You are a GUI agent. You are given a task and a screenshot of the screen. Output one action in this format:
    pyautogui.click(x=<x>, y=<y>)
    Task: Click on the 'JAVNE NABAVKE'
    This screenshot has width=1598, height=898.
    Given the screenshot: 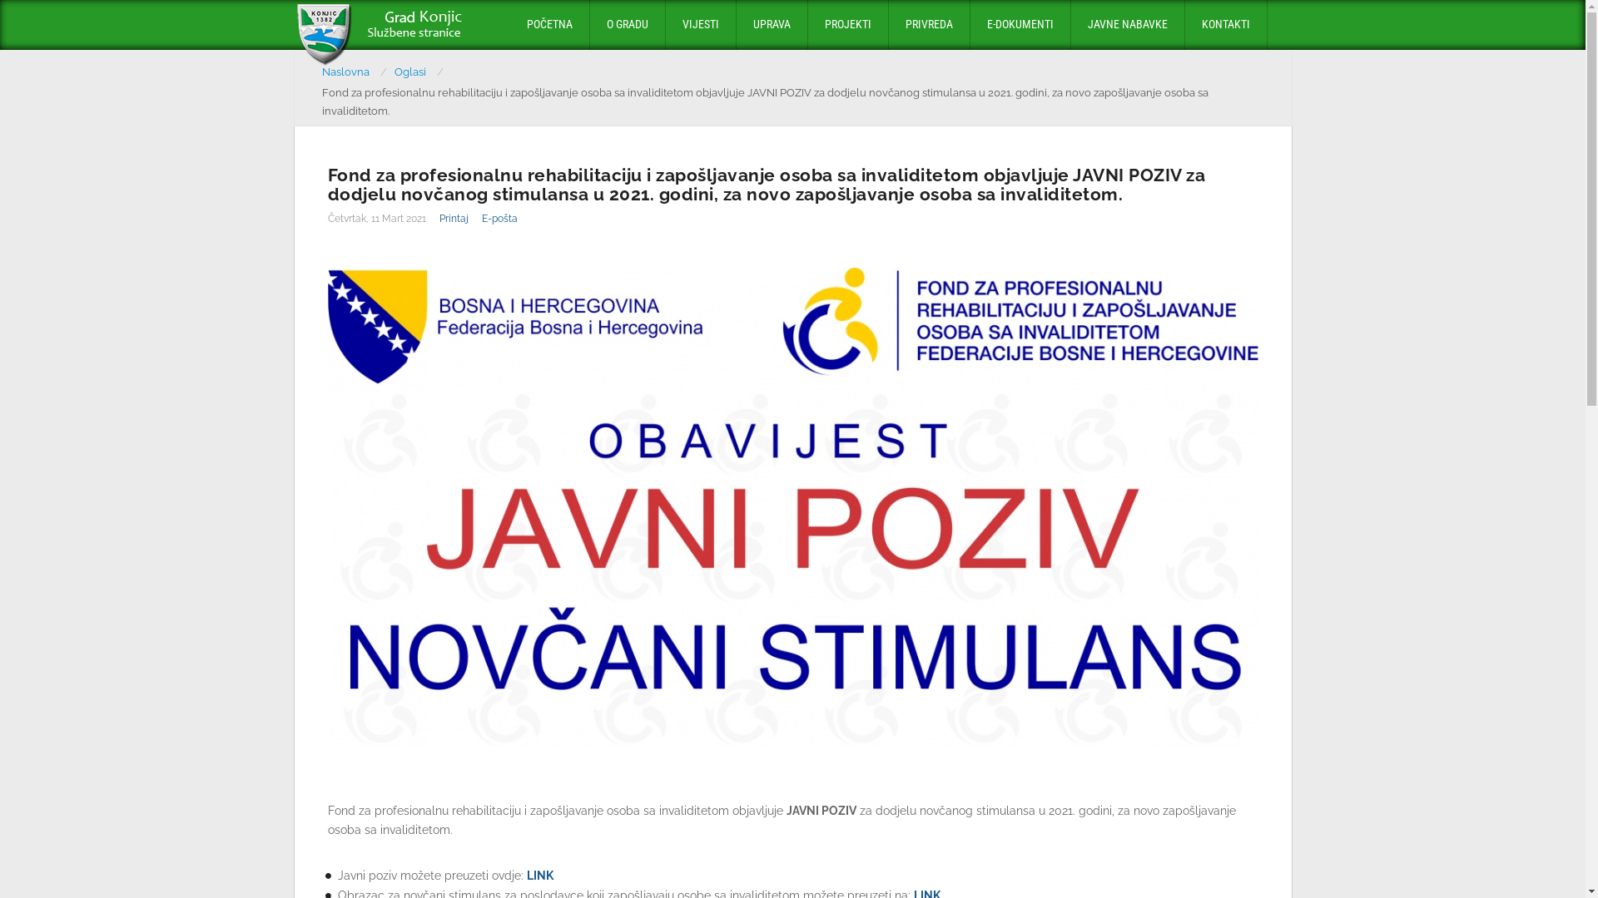 What is the action you would take?
    pyautogui.click(x=1126, y=25)
    